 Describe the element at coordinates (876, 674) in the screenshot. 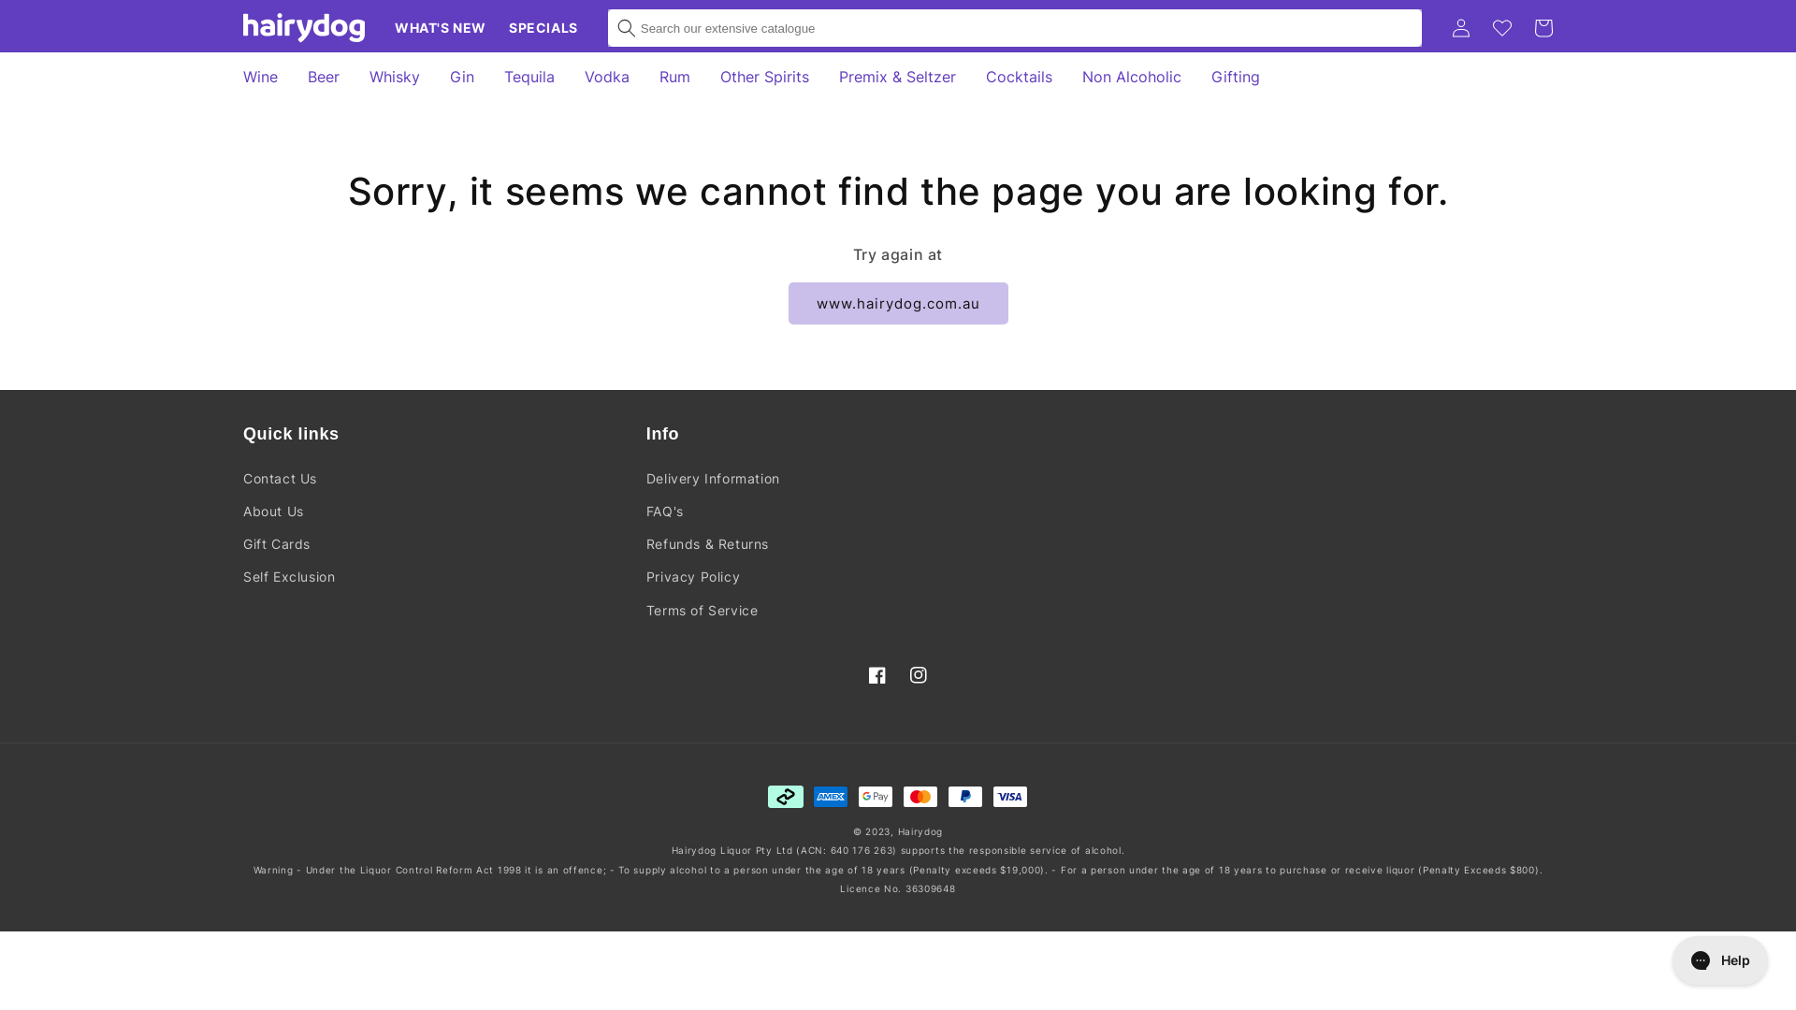

I see `'Facebook'` at that location.